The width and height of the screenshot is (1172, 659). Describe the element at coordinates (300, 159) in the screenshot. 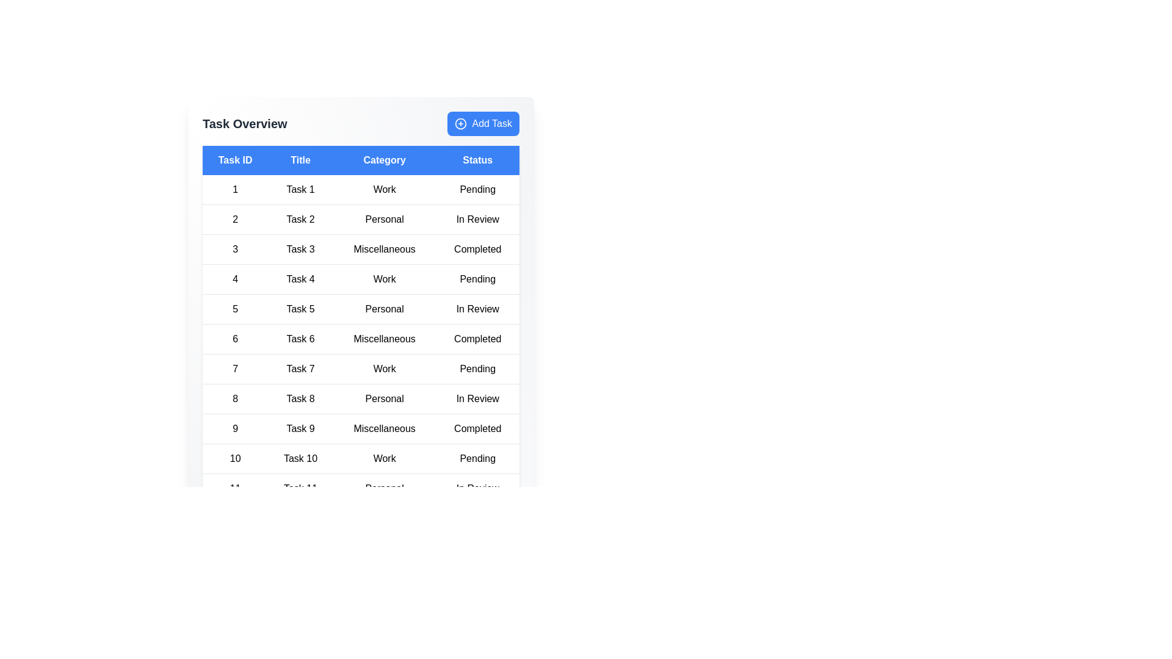

I see `the header corresponding to Title to sort the table by that column` at that location.